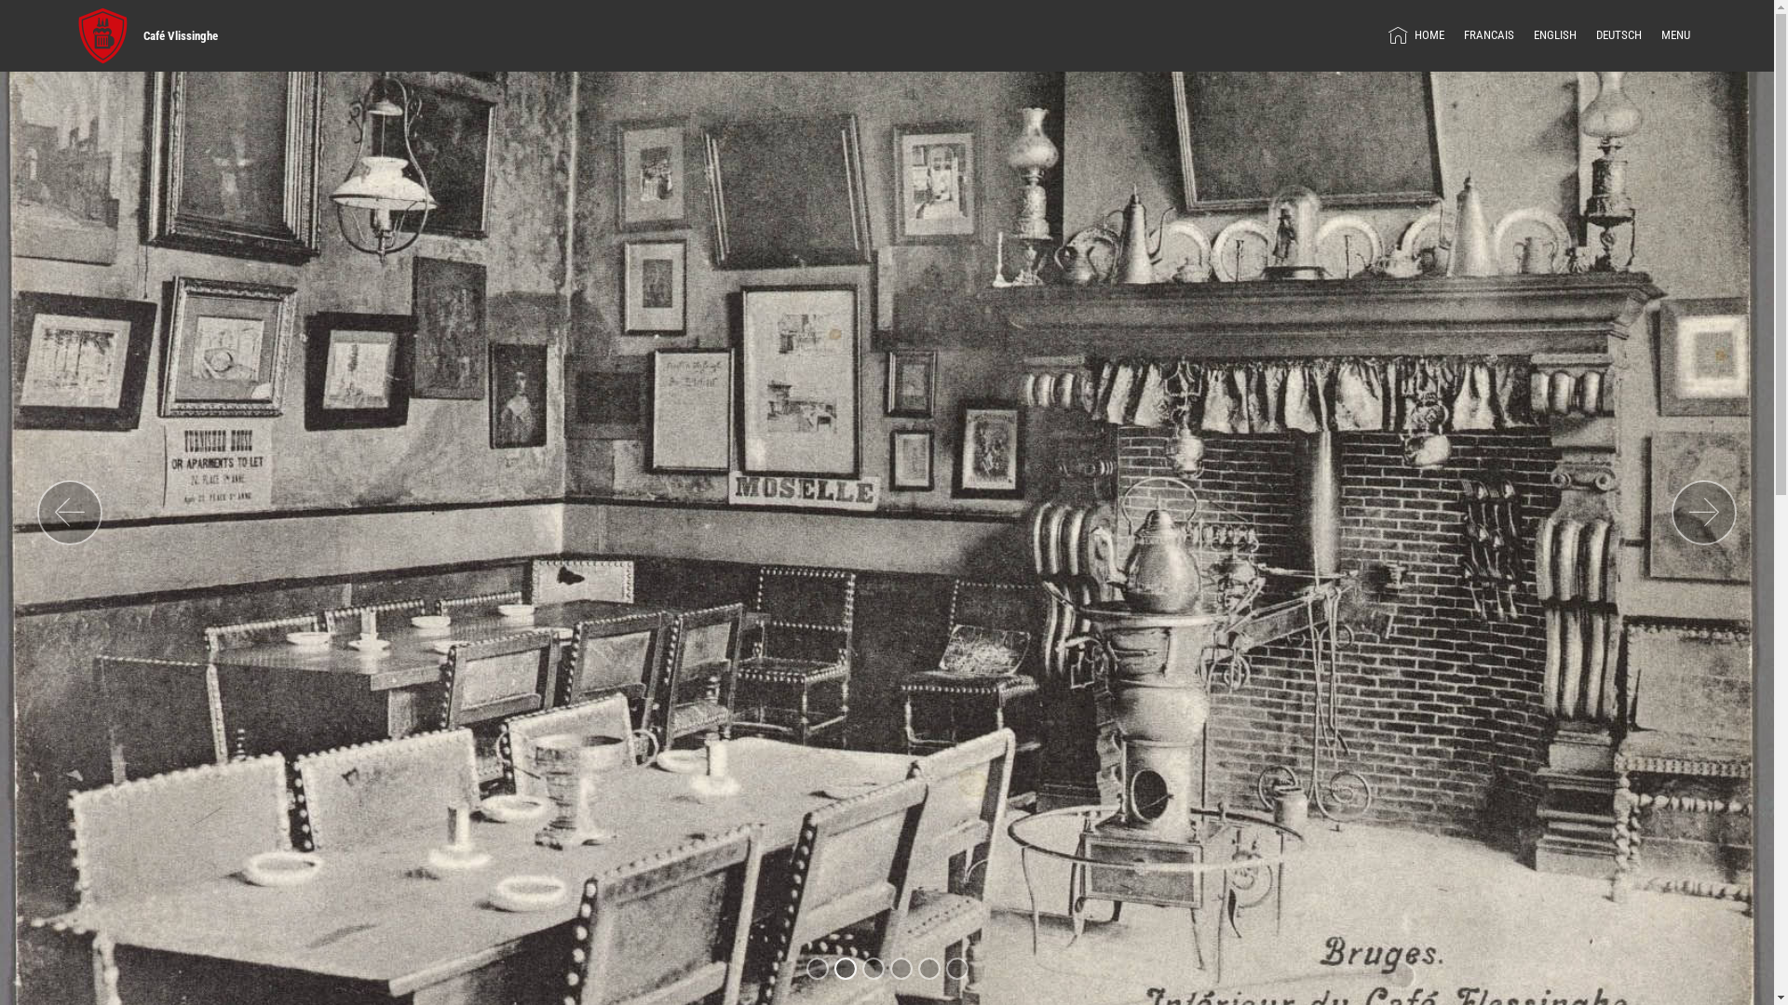  What do you see at coordinates (1555, 35) in the screenshot?
I see `'ENGLISH'` at bounding box center [1555, 35].